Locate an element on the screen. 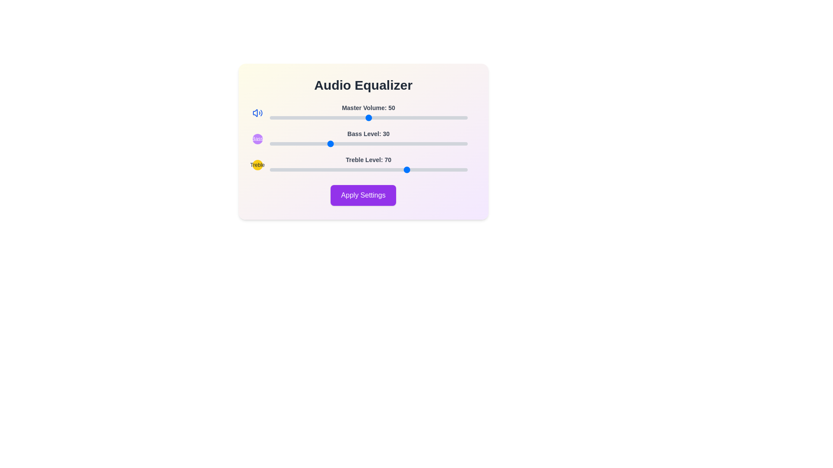  Master Volume is located at coordinates (457, 118).